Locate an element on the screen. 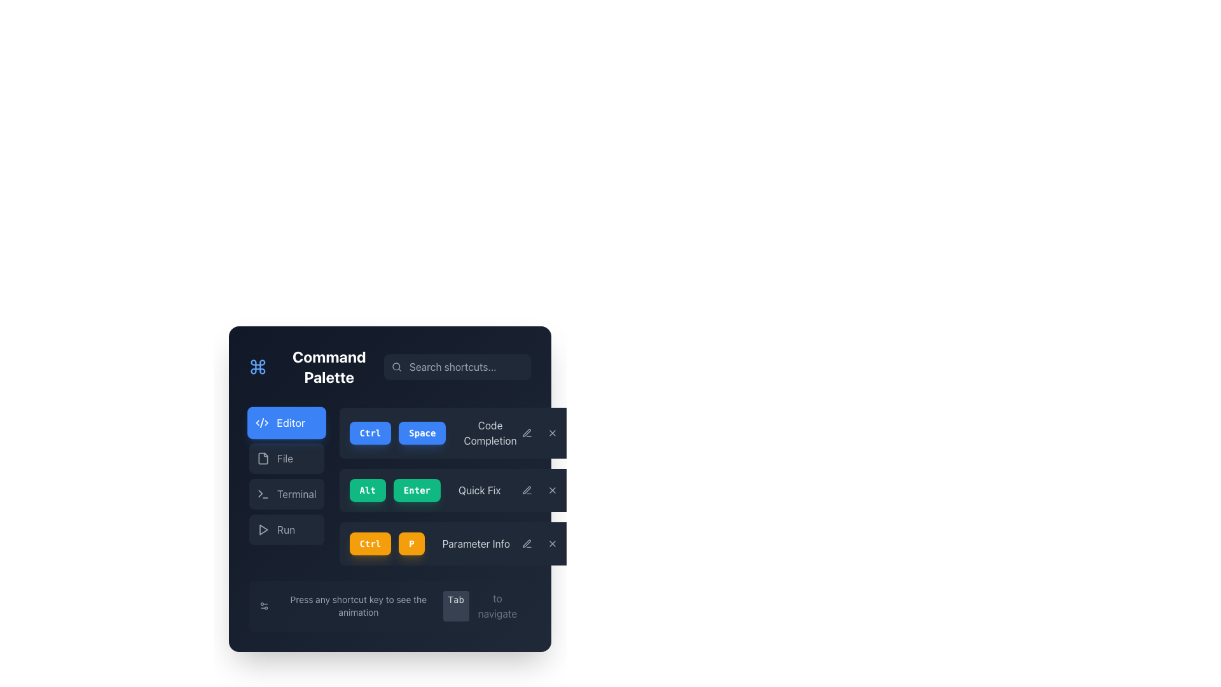 The width and height of the screenshot is (1221, 687). the 'Ctrl' key button located under the 'Code Completion' label, which is the first button in a horizontal arrangement of interactive elements is located at coordinates (369, 433).